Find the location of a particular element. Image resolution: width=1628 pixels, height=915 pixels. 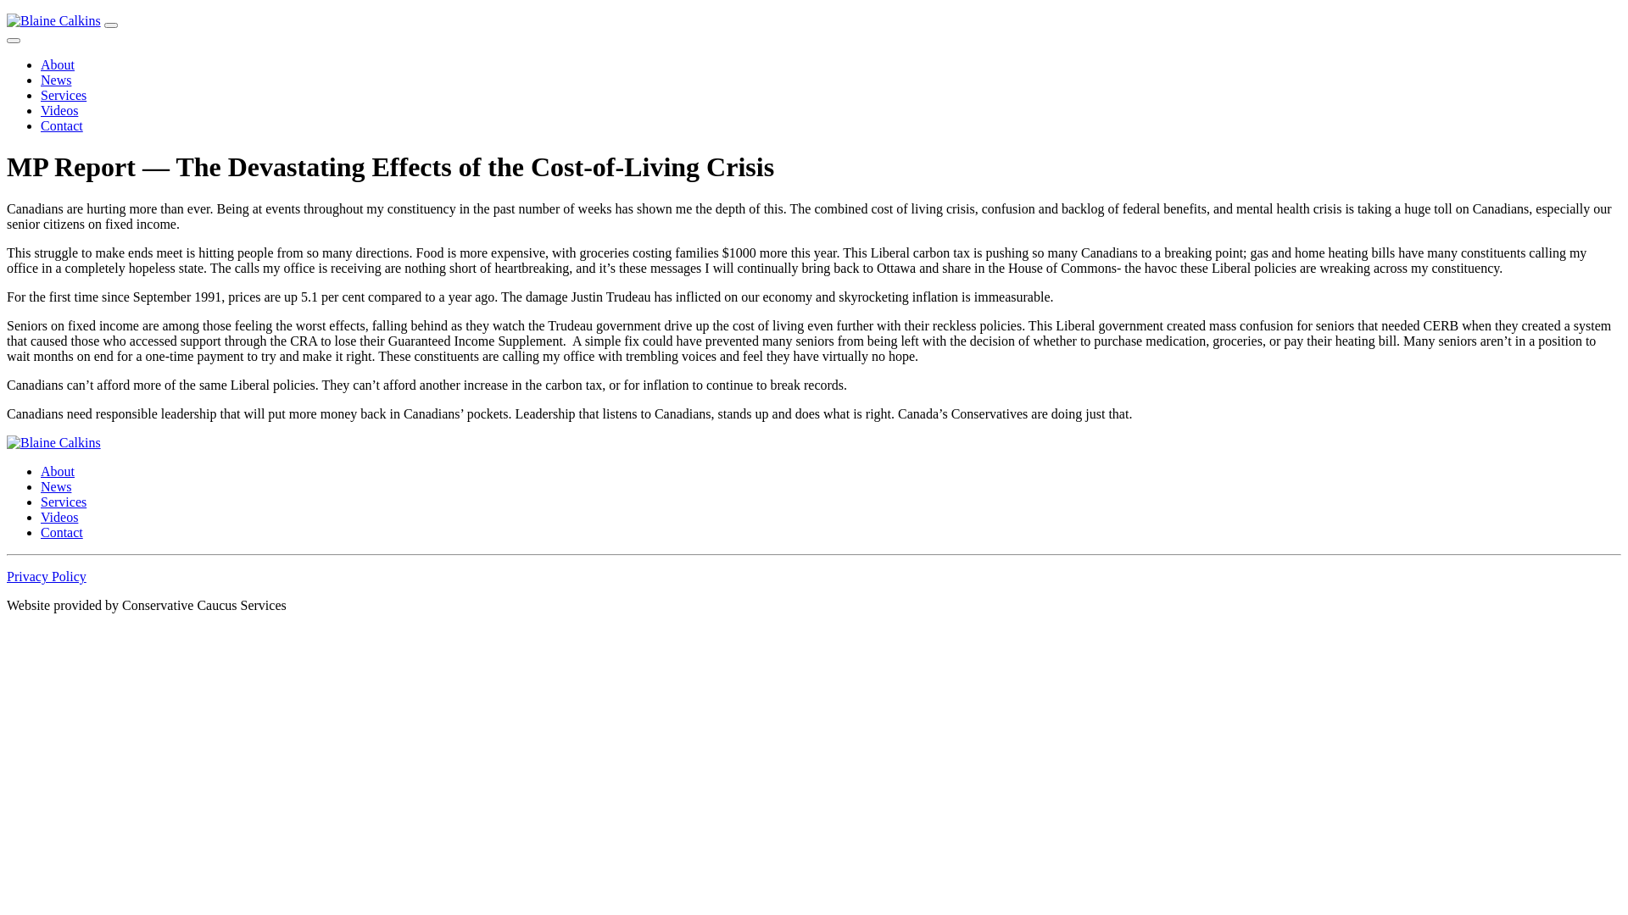

'Services' is located at coordinates (64, 95).